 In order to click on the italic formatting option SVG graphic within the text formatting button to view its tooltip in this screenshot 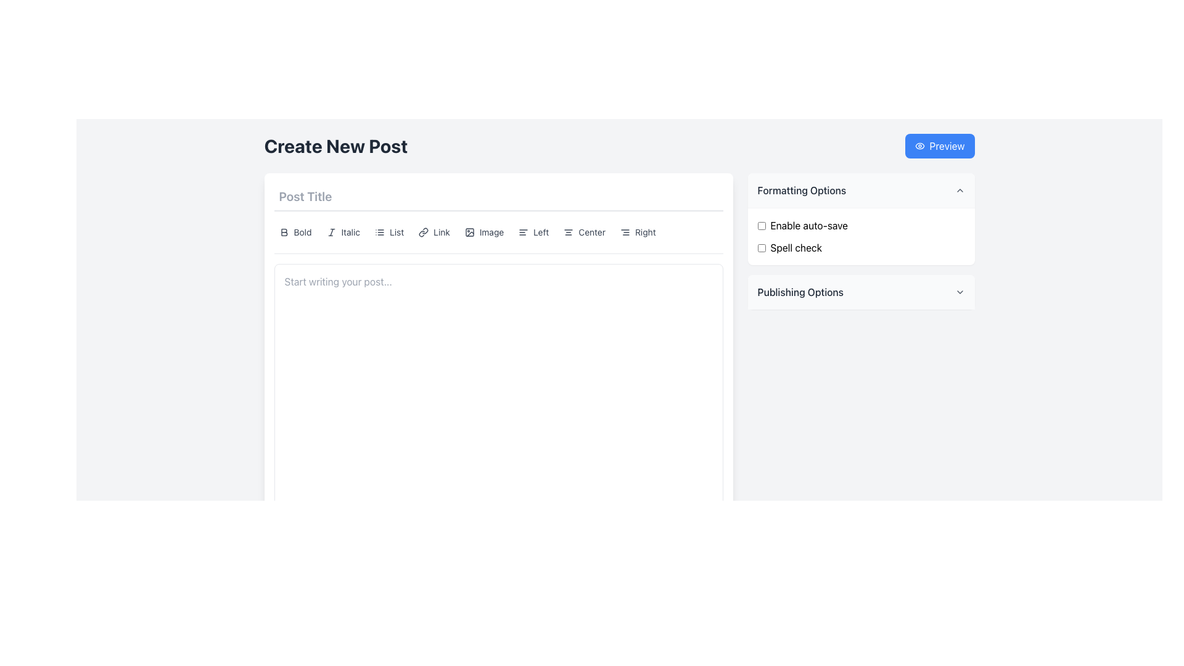, I will do `click(331, 232)`.